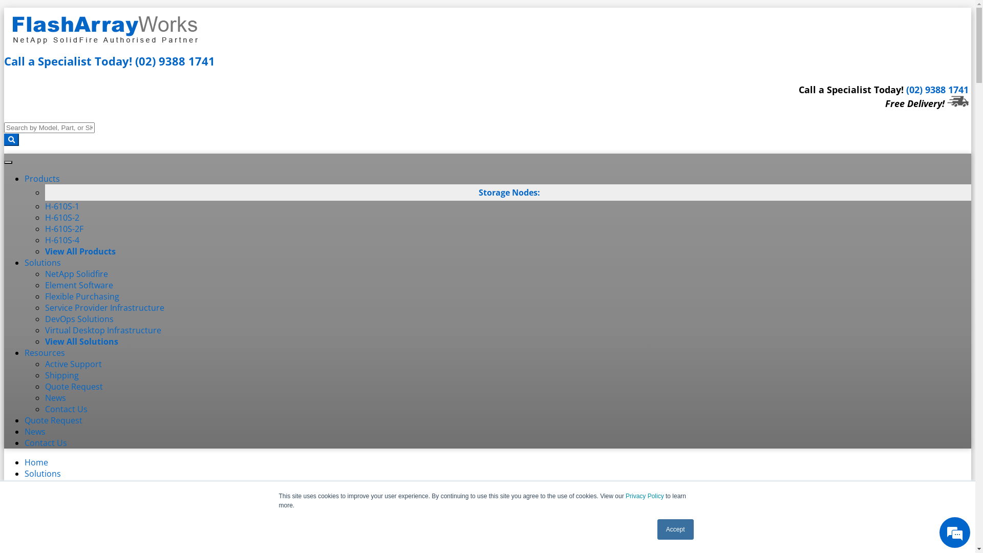 The height and width of the screenshot is (553, 983). What do you see at coordinates (76, 273) in the screenshot?
I see `'NetApp Solidfire'` at bounding box center [76, 273].